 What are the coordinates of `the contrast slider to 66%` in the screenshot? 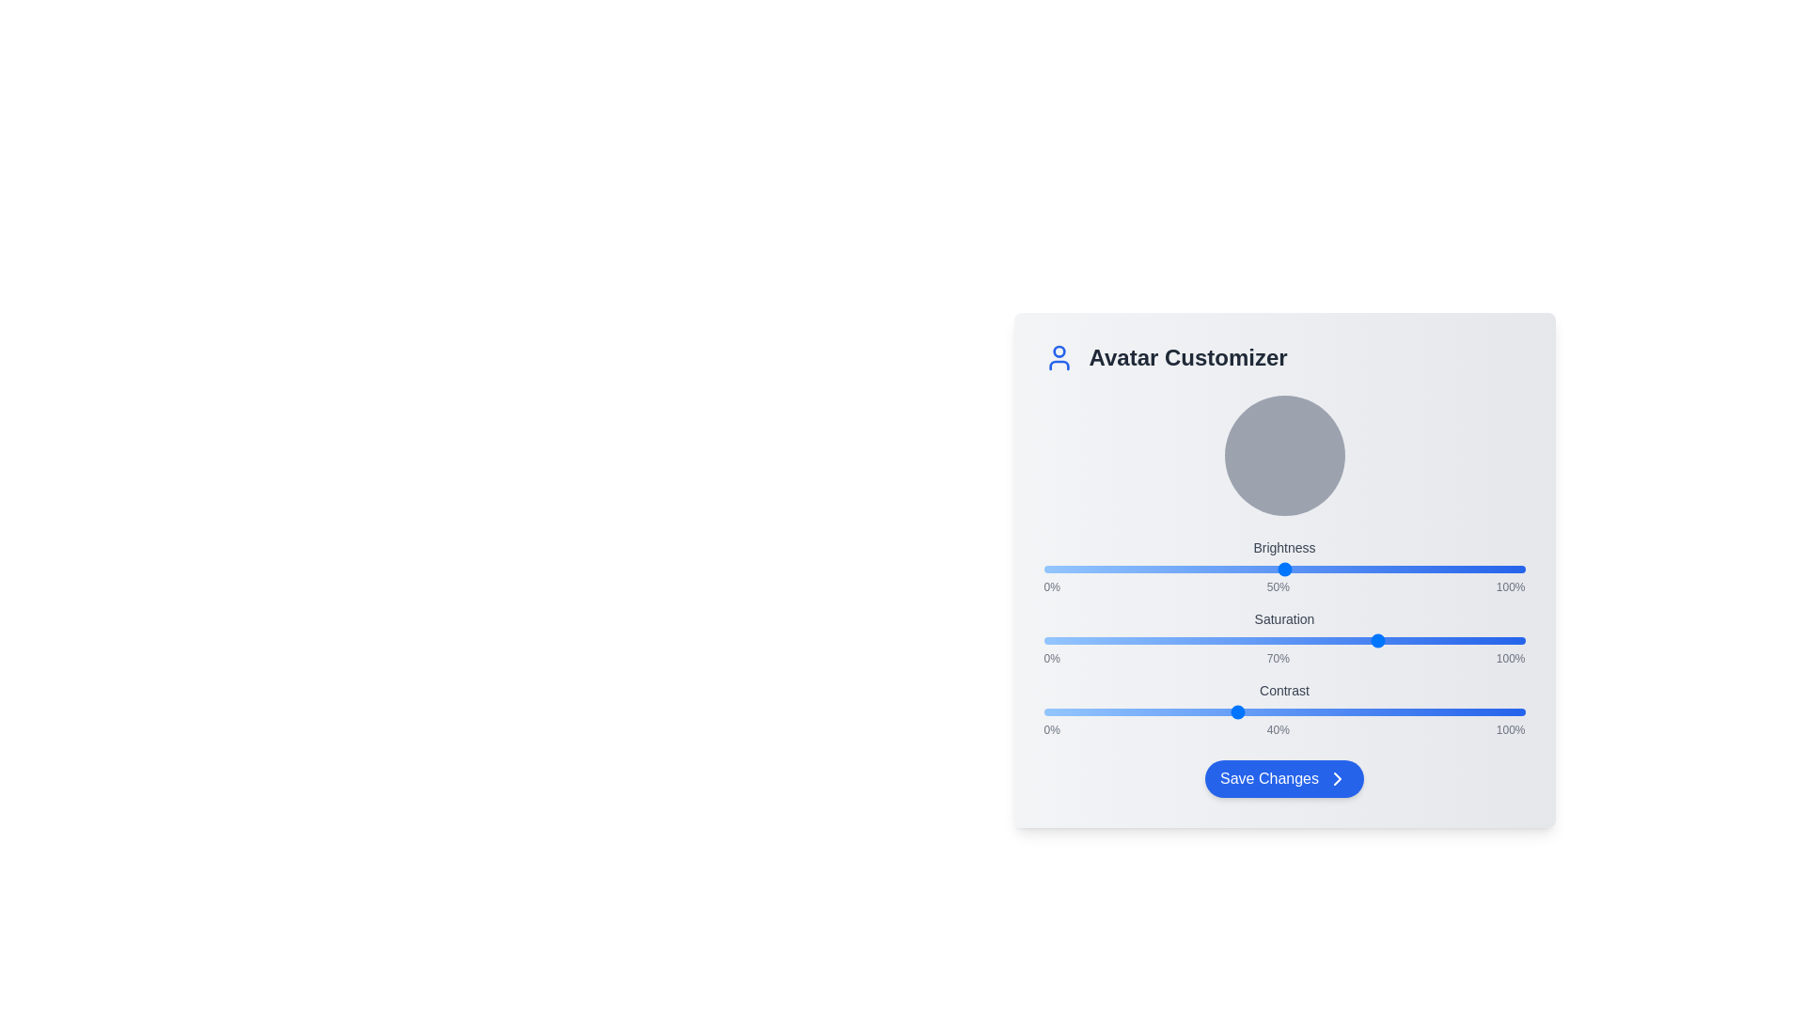 It's located at (1361, 712).